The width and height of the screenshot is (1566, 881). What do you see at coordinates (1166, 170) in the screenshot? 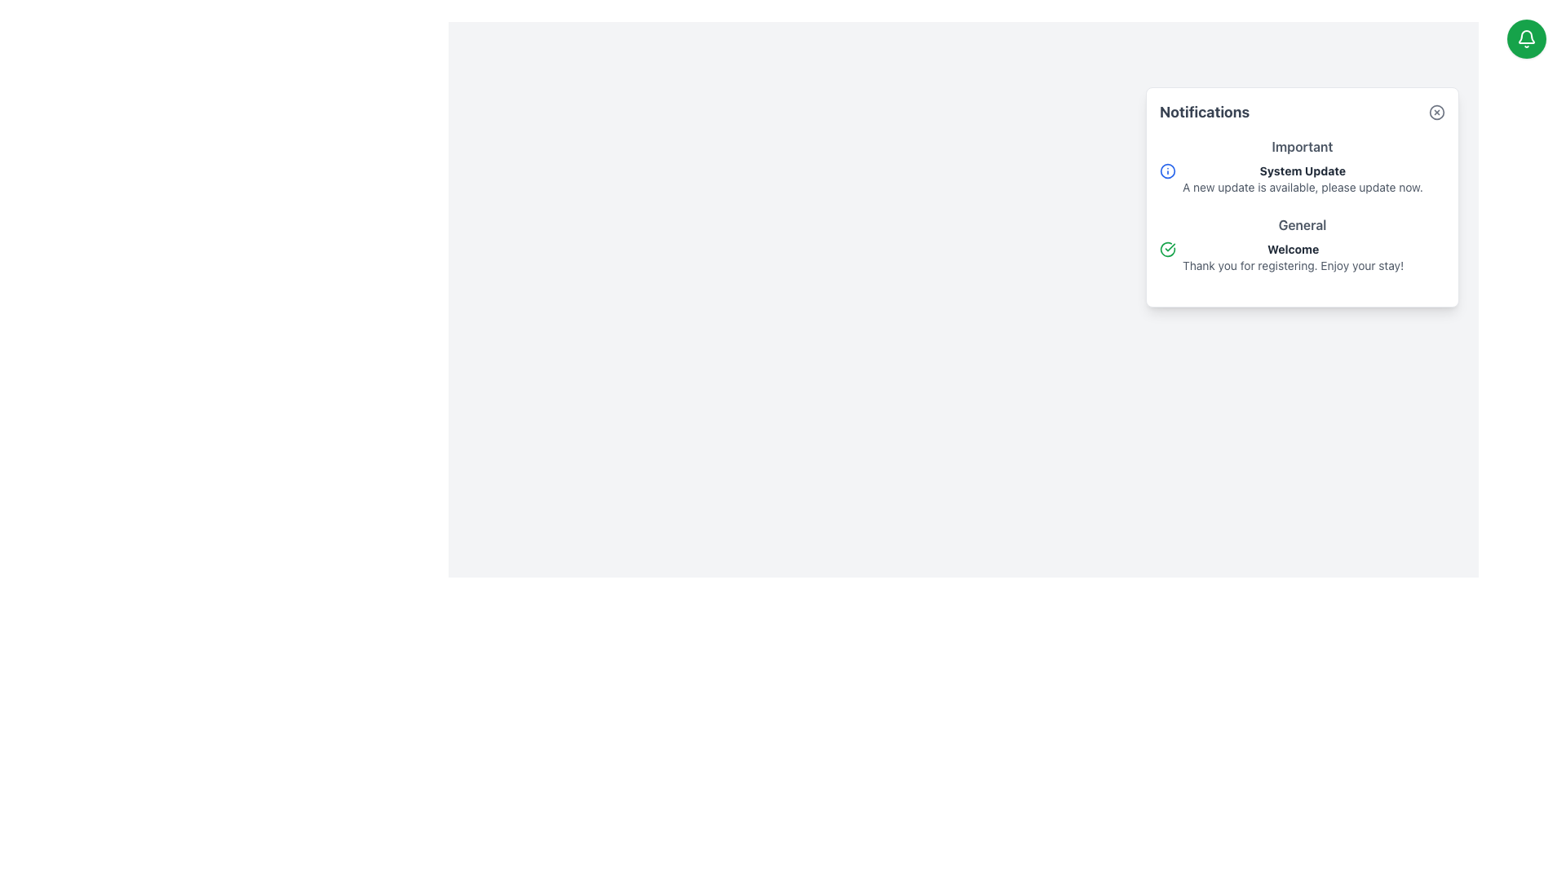
I see `the icon adjacent to the 'System Update' notification text in the notifications section under the 'Important' category` at bounding box center [1166, 170].